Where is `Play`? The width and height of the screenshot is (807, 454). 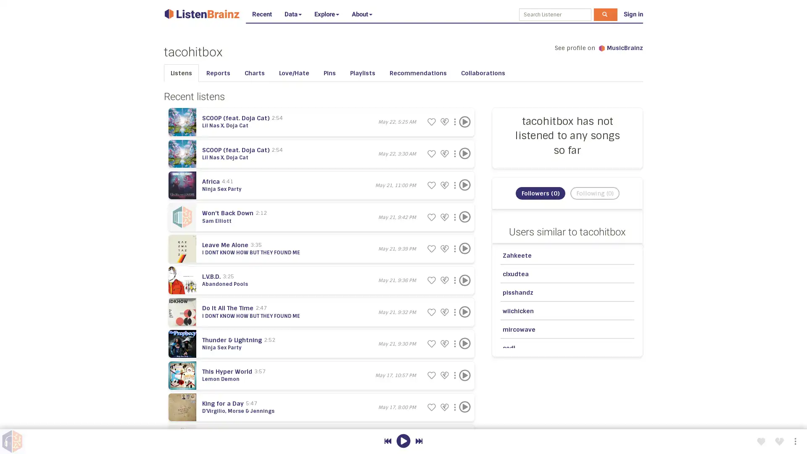
Play is located at coordinates (464, 121).